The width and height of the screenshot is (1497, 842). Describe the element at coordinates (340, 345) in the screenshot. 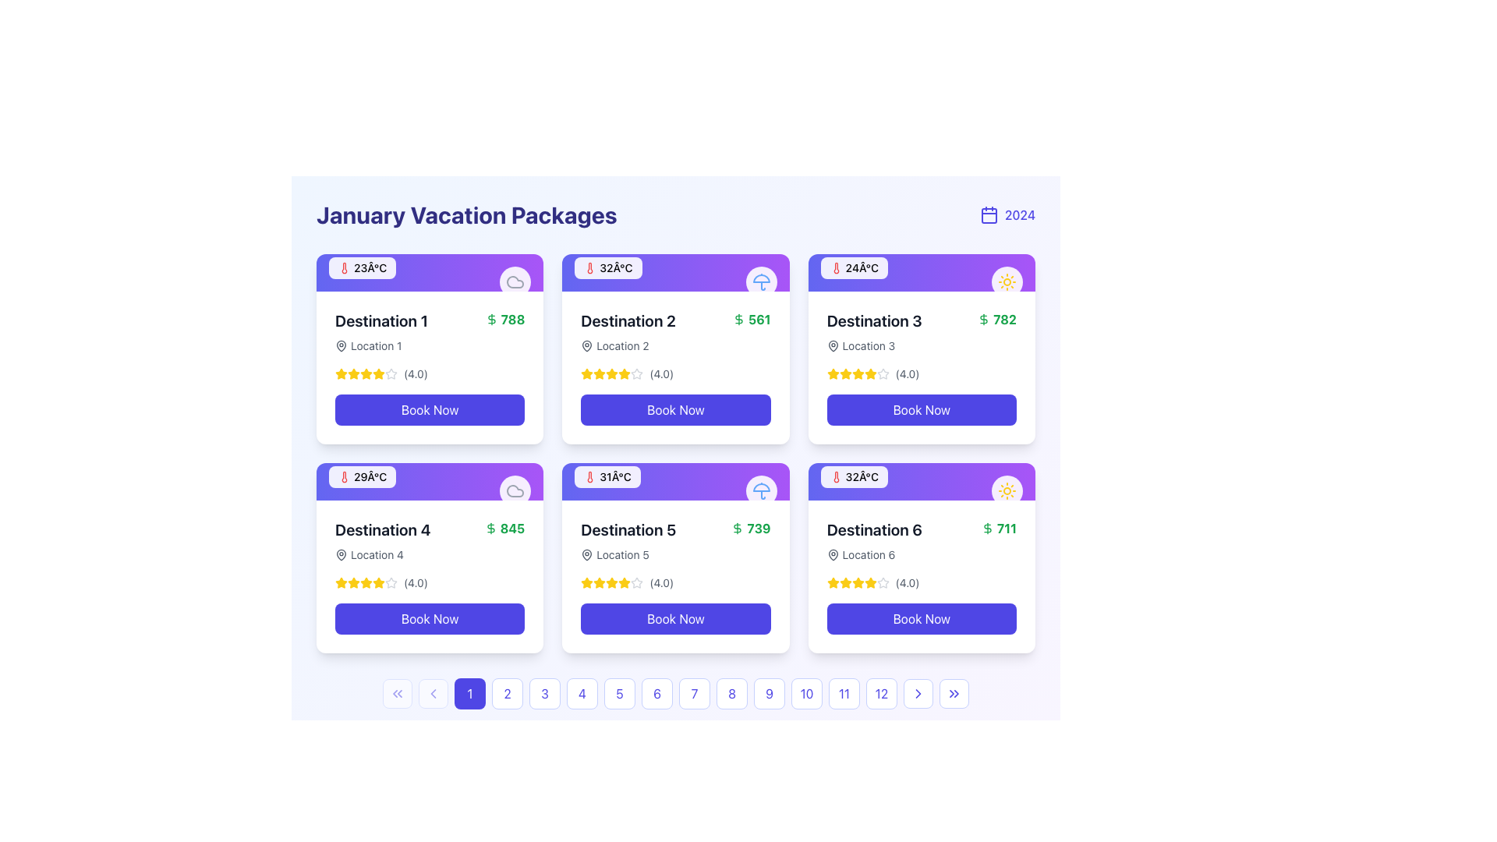

I see `the static location marker icon adjacent to the 'Location 1' text in the 'Destination 1' card` at that location.